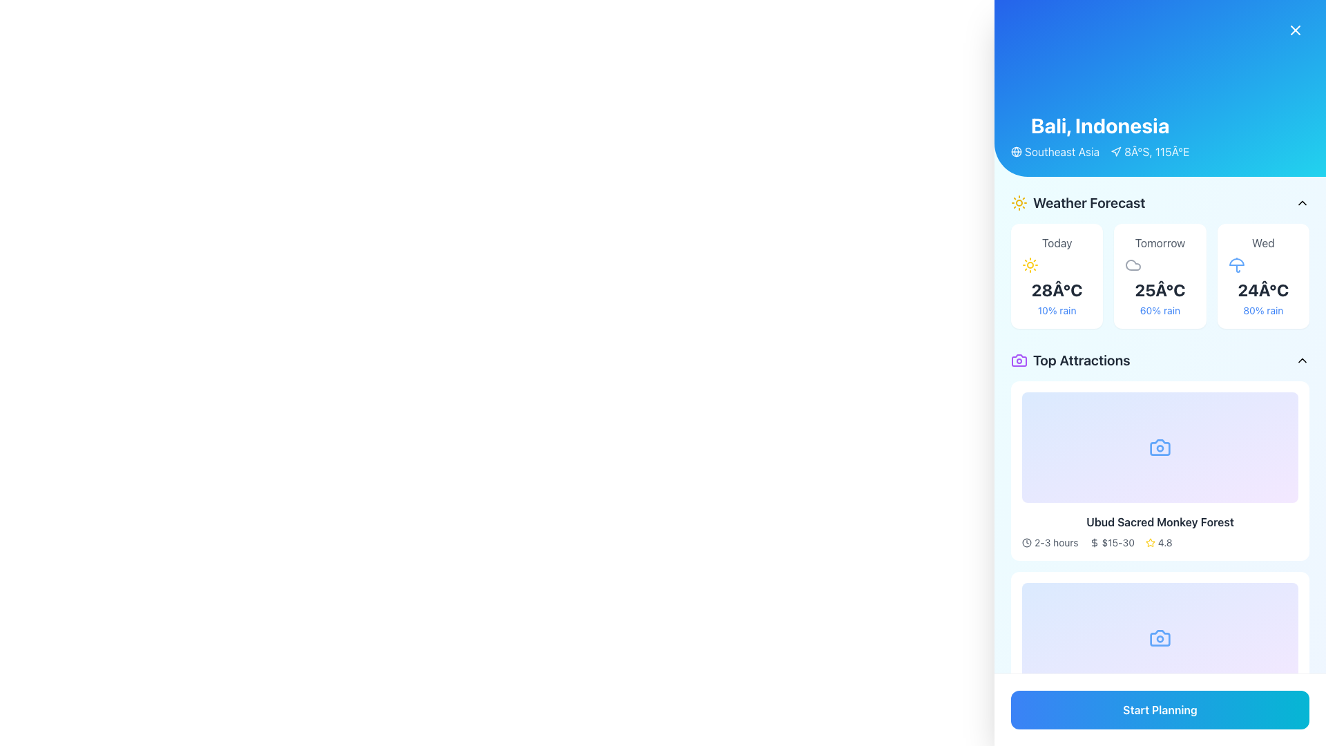  Describe the element at coordinates (1019, 202) in the screenshot. I see `the sun icon, which is bright yellow with a circular center and rays, located next to the 'Weather Forecast' text` at that location.